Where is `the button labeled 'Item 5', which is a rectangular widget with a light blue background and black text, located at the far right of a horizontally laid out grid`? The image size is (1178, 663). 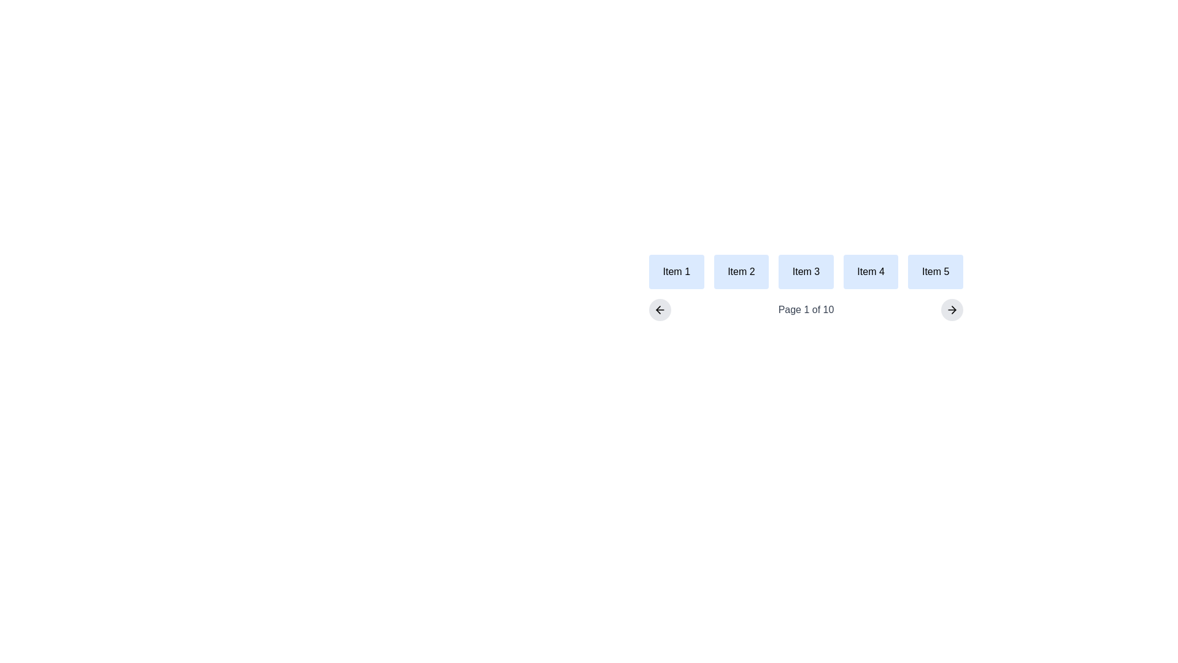
the button labeled 'Item 5', which is a rectangular widget with a light blue background and black text, located at the far right of a horizontally laid out grid is located at coordinates (935, 271).